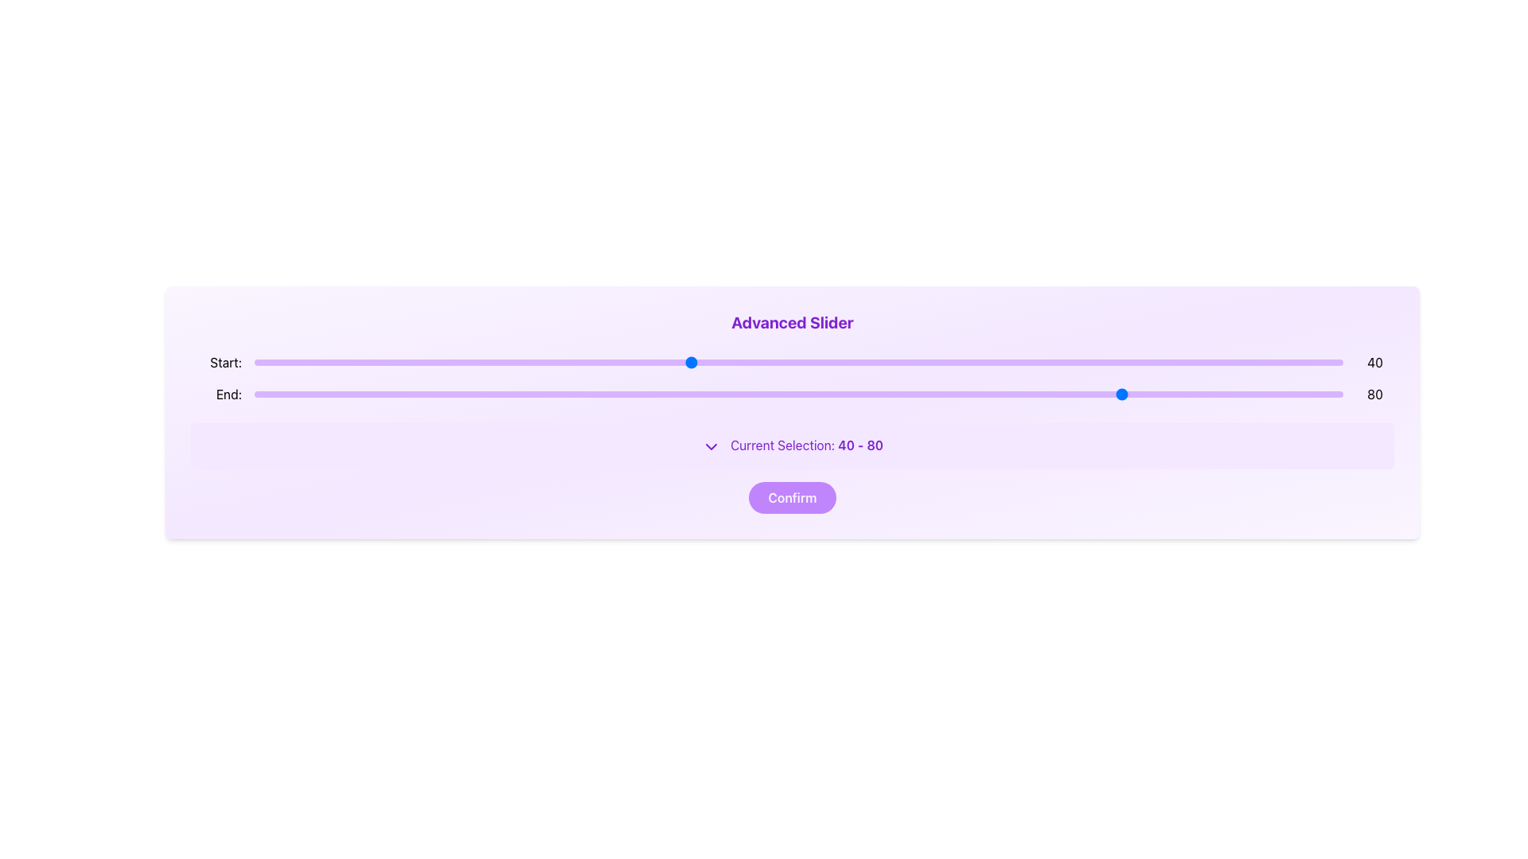 This screenshot has height=859, width=1528. I want to click on text displayed in the bold purple '40 - 80' Text Label located under the 'Current Selection' label, so click(859, 445).